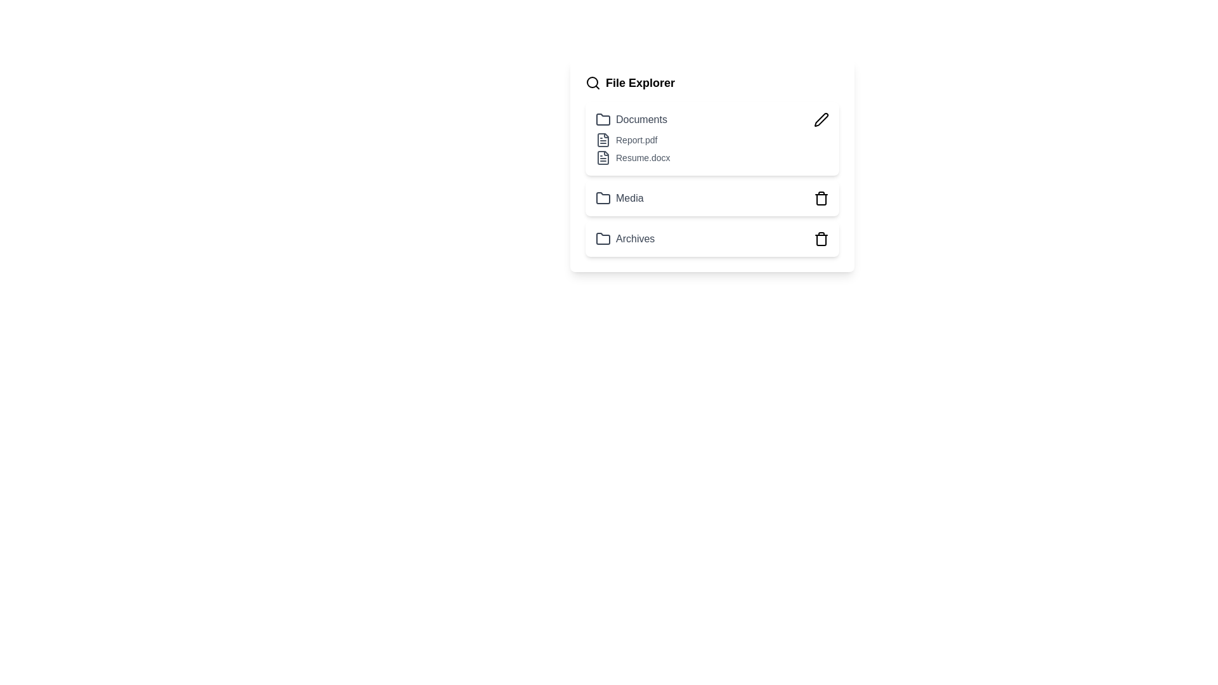  Describe the element at coordinates (619, 198) in the screenshot. I see `the 'Media' folder label with the associated icon` at that location.